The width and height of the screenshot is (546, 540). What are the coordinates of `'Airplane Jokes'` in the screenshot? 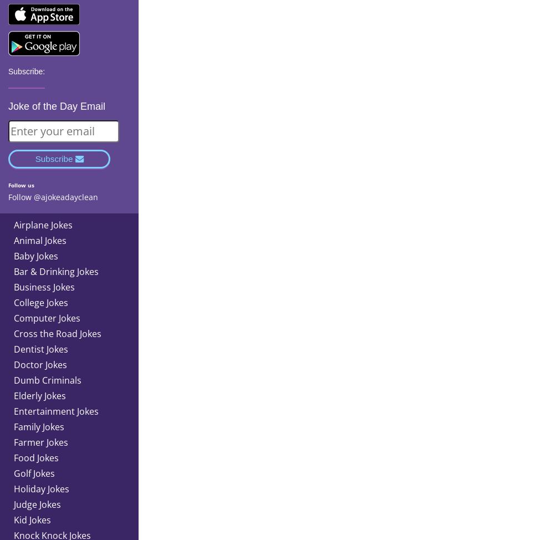 It's located at (43, 224).